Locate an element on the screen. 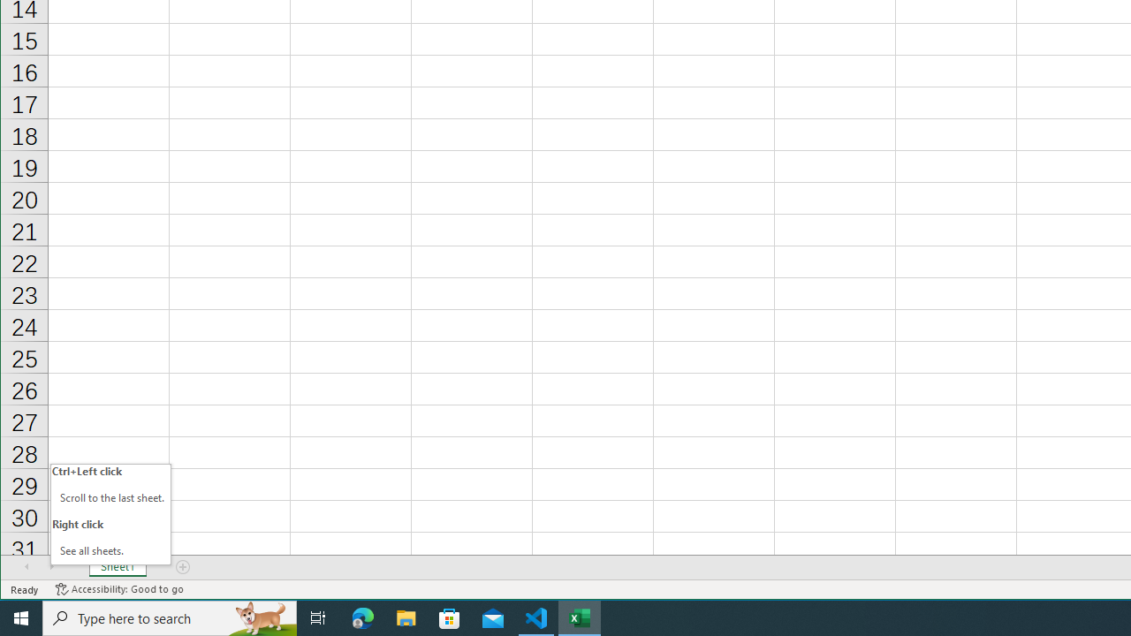 The width and height of the screenshot is (1131, 636). 'File Explorer' is located at coordinates (406, 617).